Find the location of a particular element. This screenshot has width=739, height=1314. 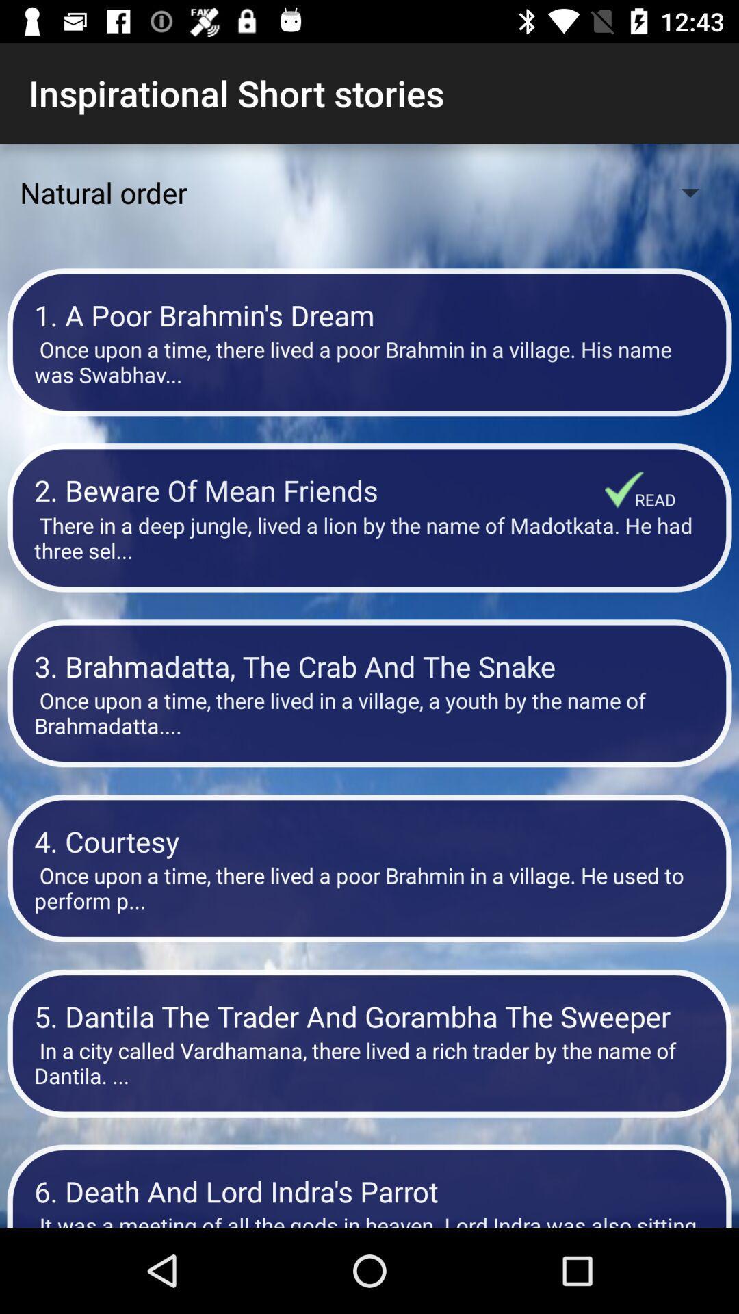

the 3 brahmadatta the item is located at coordinates (369, 666).